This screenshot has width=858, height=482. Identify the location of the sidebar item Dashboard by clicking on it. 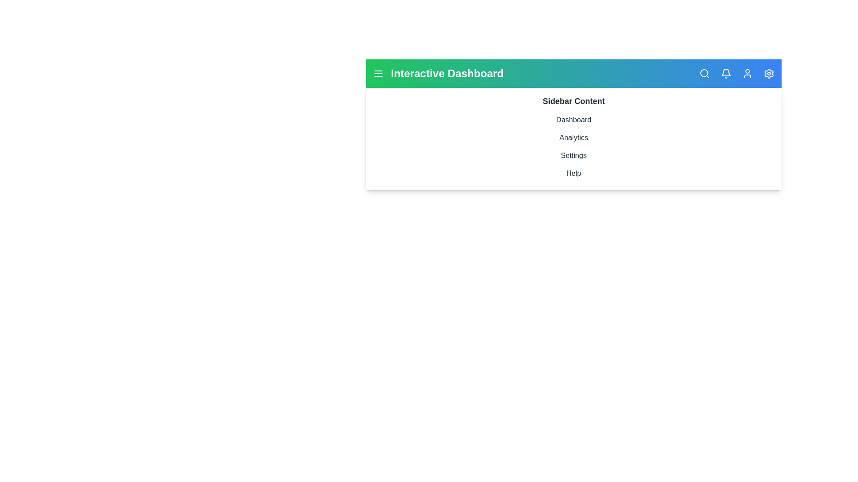
(573, 120).